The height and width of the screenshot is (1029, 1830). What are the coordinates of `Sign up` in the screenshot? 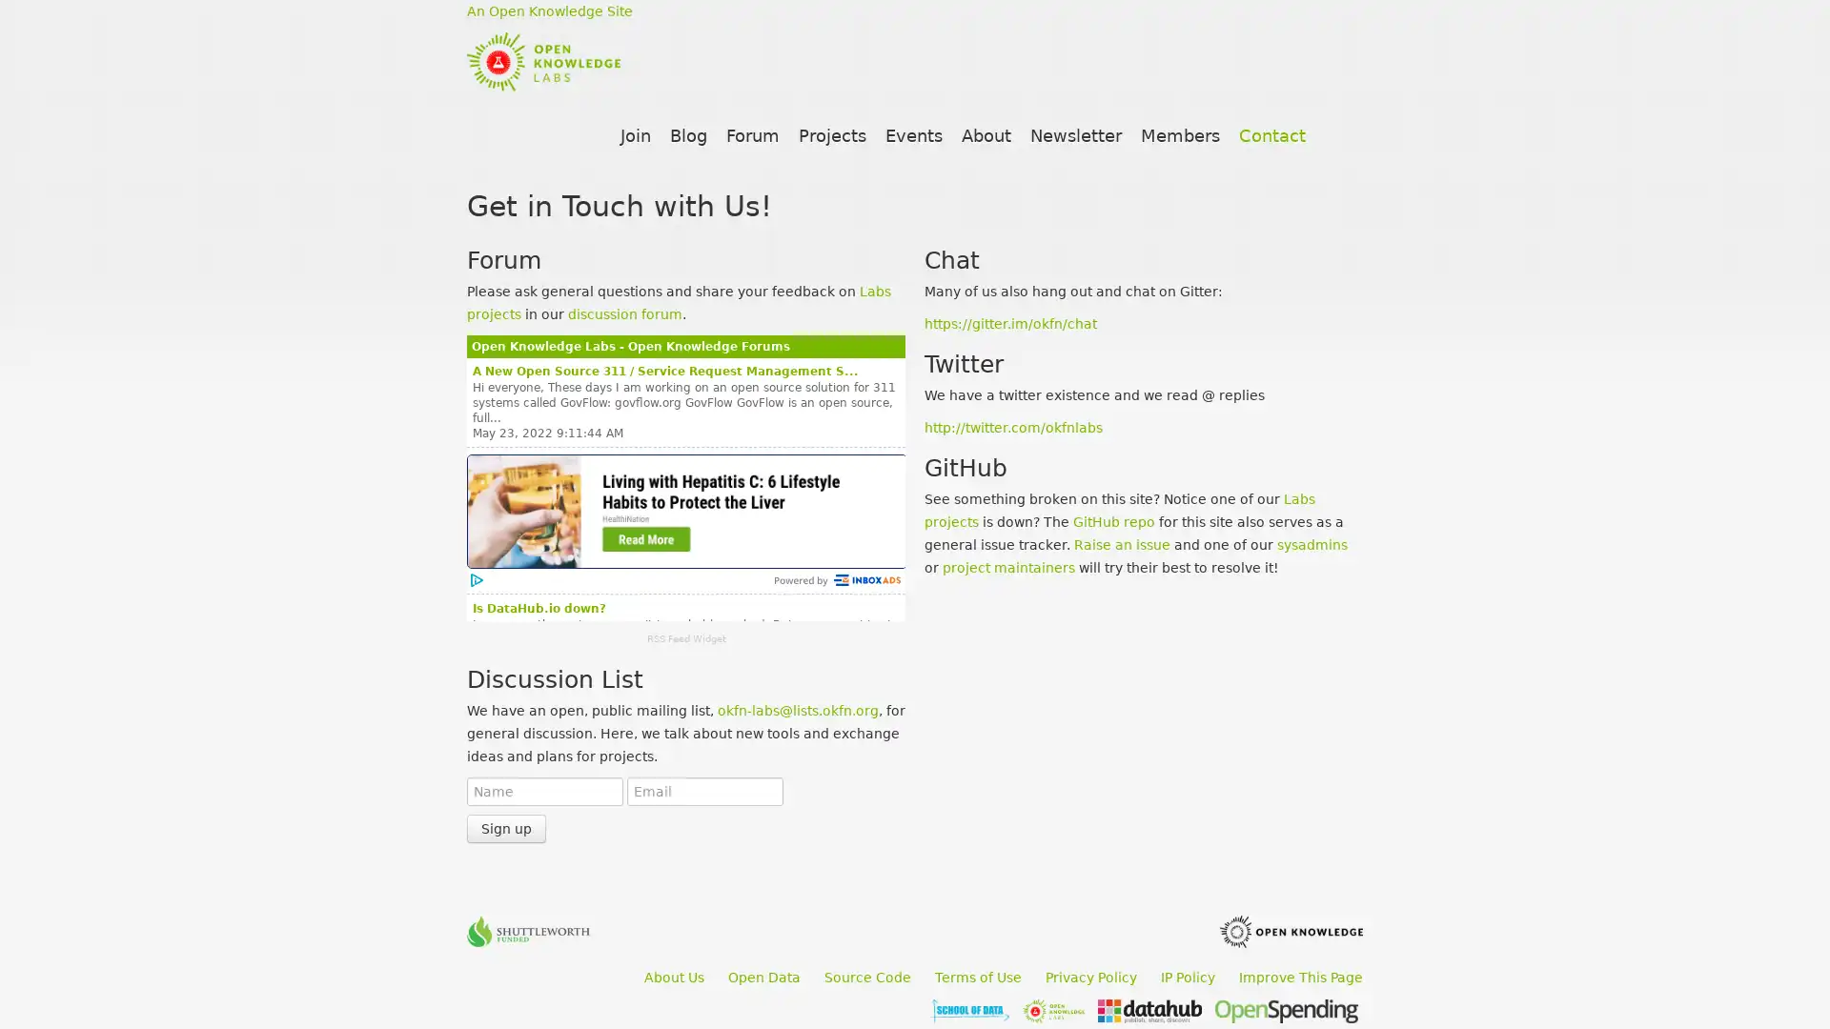 It's located at (506, 828).